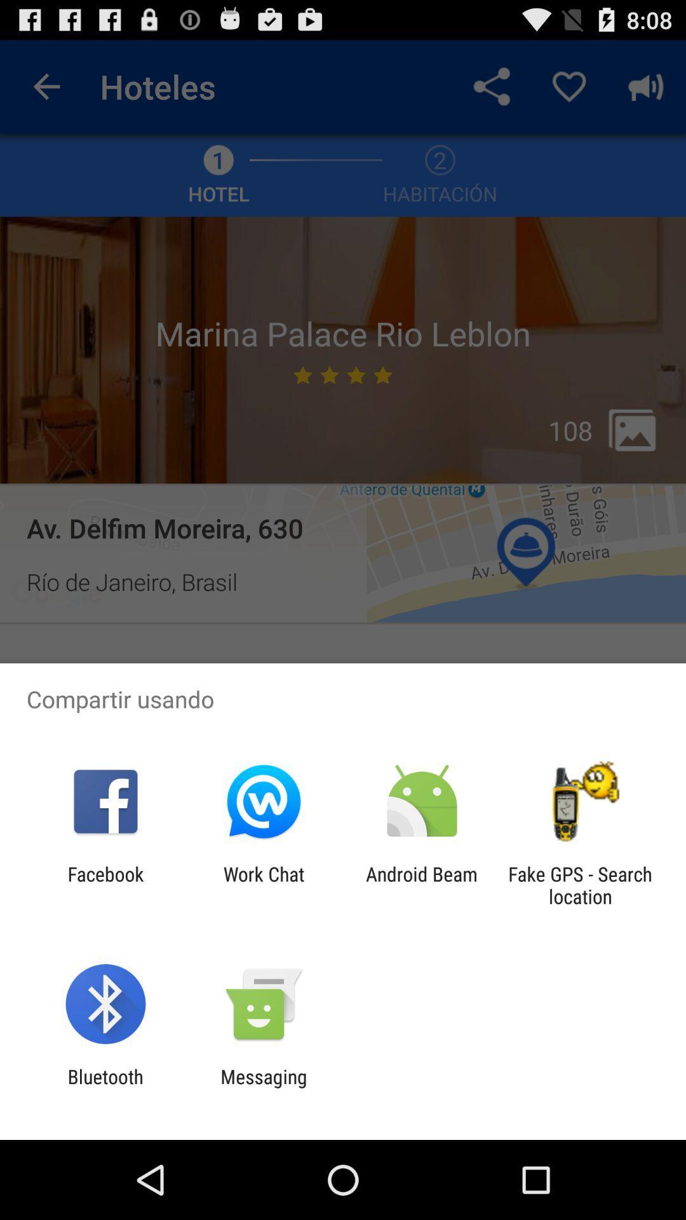 Image resolution: width=686 pixels, height=1220 pixels. What do you see at coordinates (263, 884) in the screenshot?
I see `work chat icon` at bounding box center [263, 884].